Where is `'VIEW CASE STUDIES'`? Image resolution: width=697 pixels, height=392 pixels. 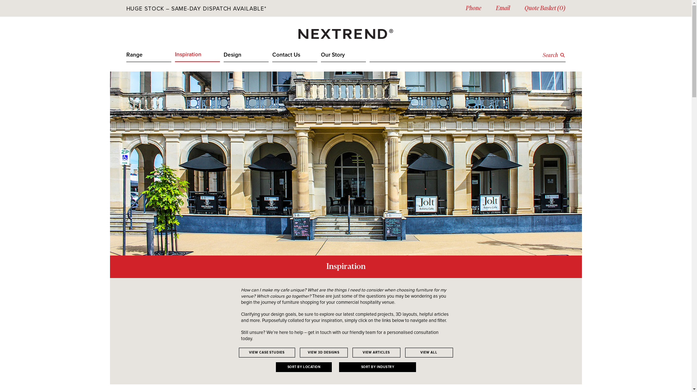
'VIEW CASE STUDIES' is located at coordinates (266, 352).